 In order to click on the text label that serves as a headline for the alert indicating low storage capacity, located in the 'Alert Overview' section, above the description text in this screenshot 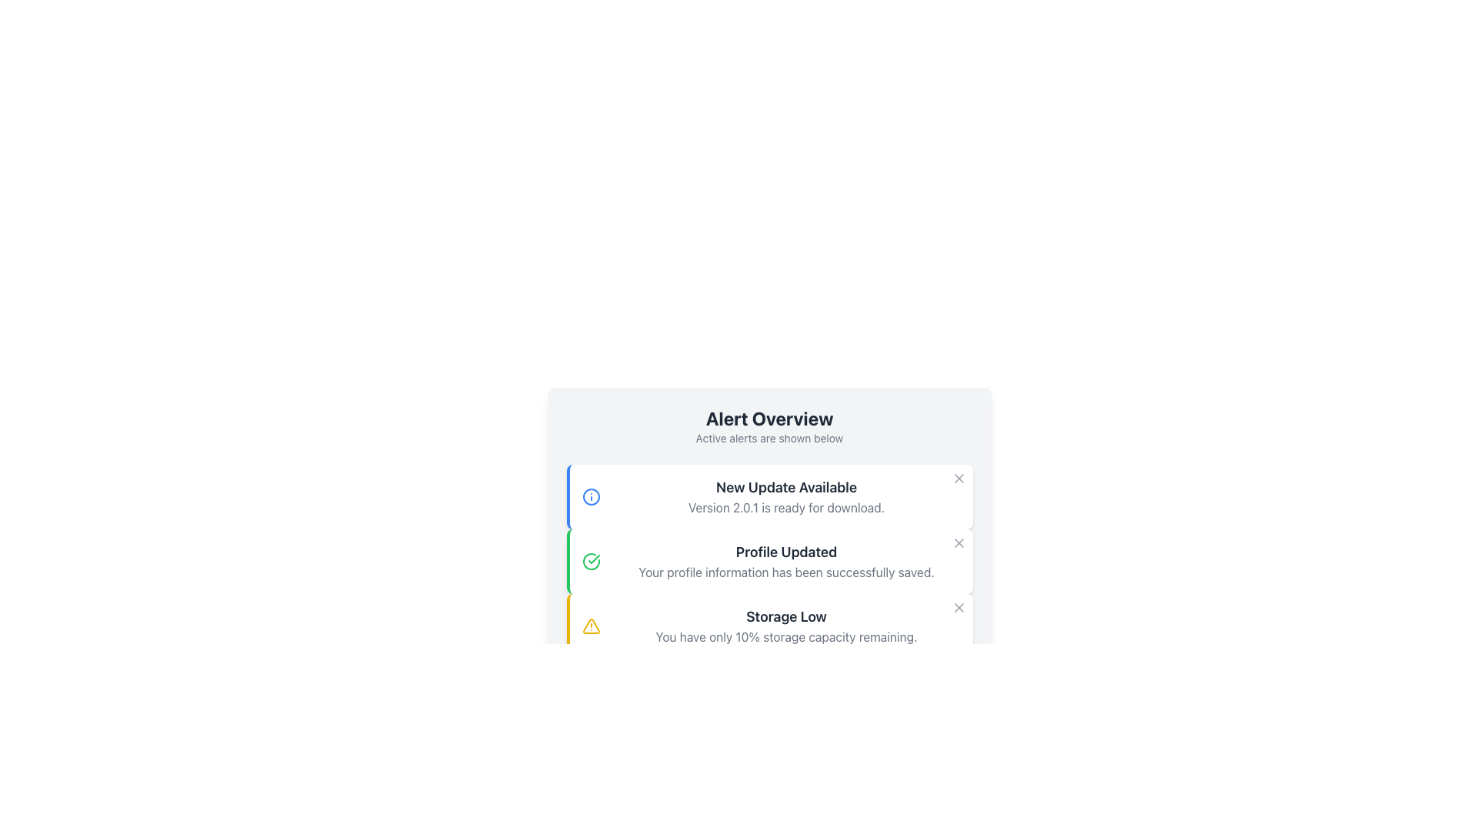, I will do `click(786, 616)`.